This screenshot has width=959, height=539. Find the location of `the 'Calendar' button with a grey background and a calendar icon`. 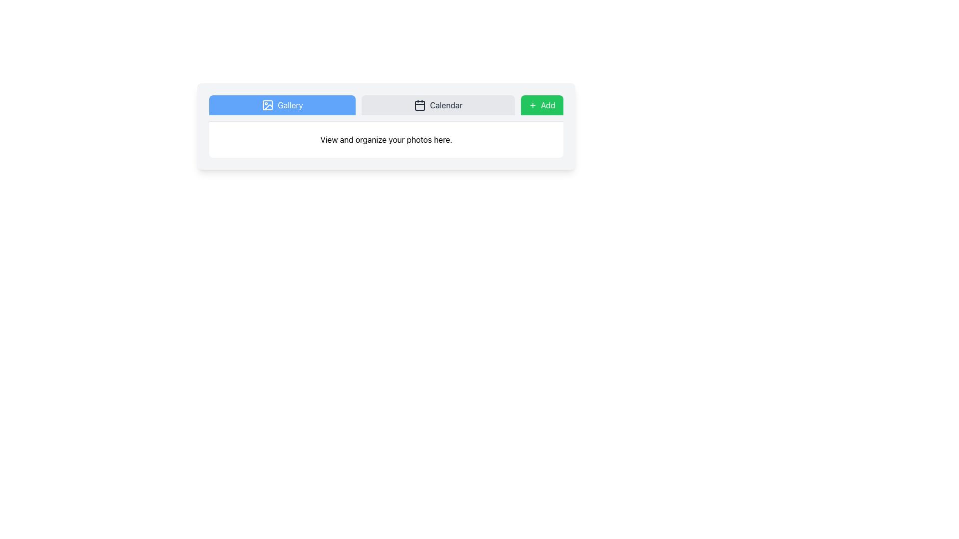

the 'Calendar' button with a grey background and a calendar icon is located at coordinates (438, 105).